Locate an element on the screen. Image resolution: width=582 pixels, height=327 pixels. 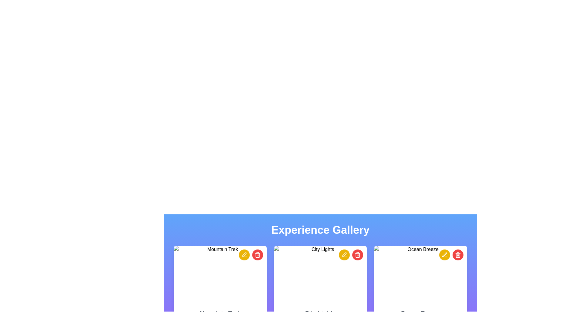
the yellow pen icon to the left of the red trash icon in the Ocean Breeze card to initiate the edit action is located at coordinates (445, 255).